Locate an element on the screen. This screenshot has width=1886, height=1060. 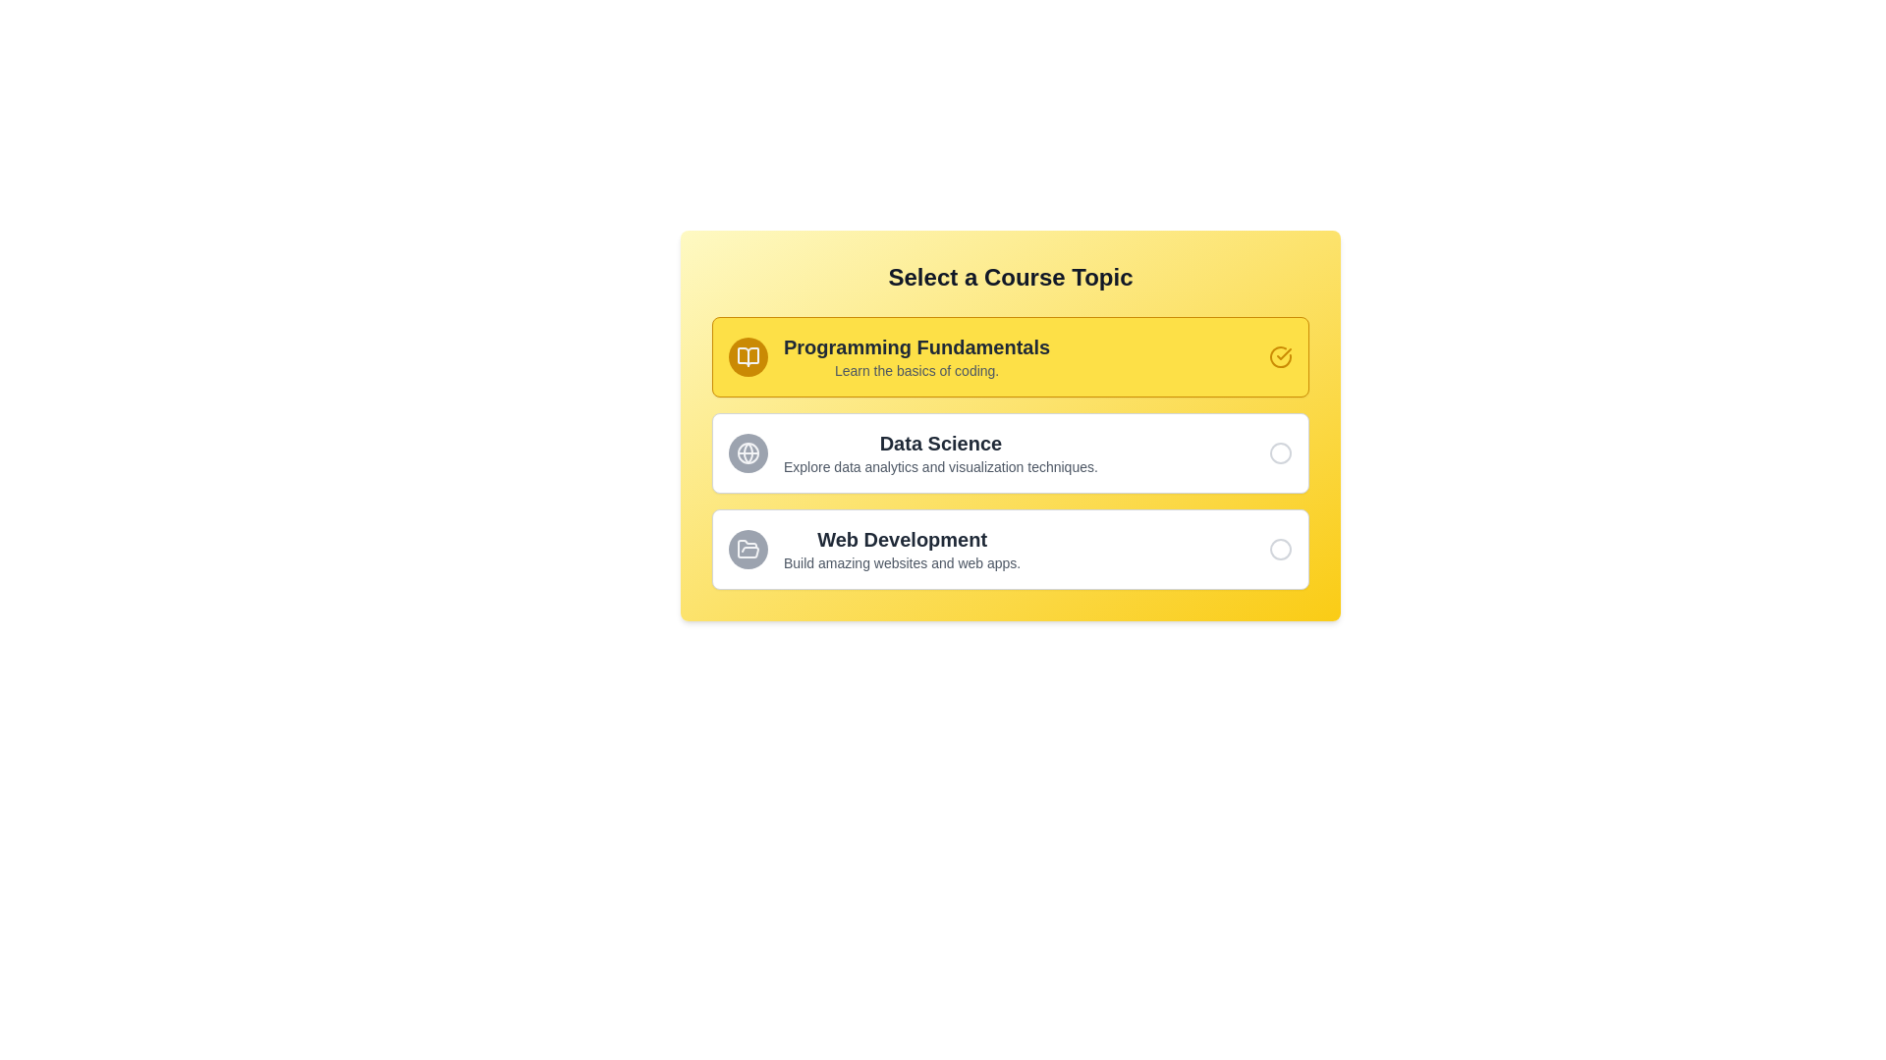
the radio button for the 'Data Science' option, which is a circular shape located in the second option card on the right side, just above the card's vertical centerline is located at coordinates (1281, 453).